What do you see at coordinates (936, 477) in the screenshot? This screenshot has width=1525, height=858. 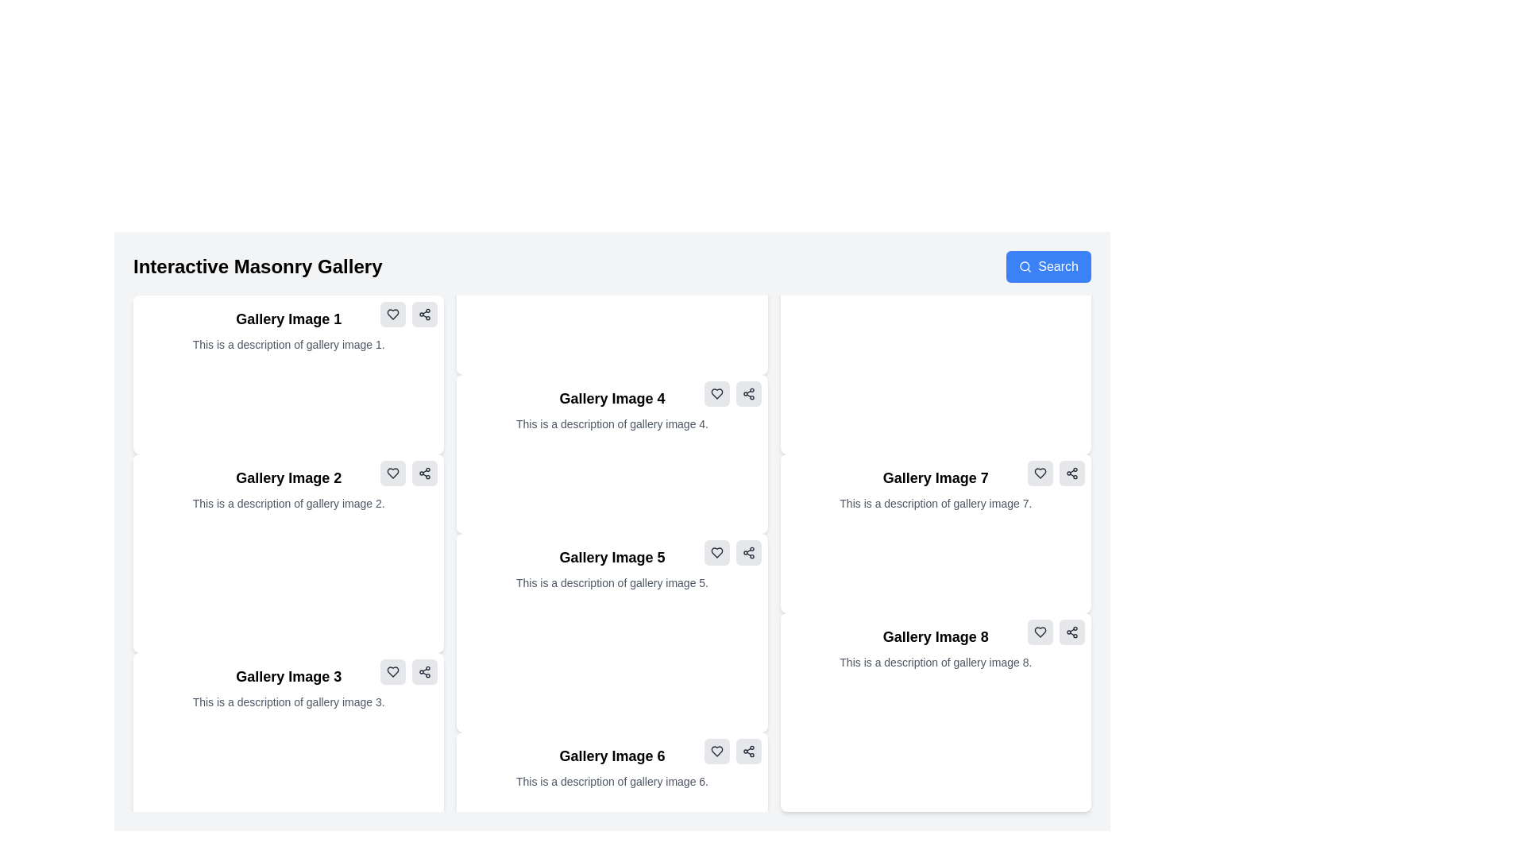 I see `text label displaying 'Gallery Image 7' which is bold and large-sized, positioned at the top of the second card in the second column of a grid layout` at bounding box center [936, 477].